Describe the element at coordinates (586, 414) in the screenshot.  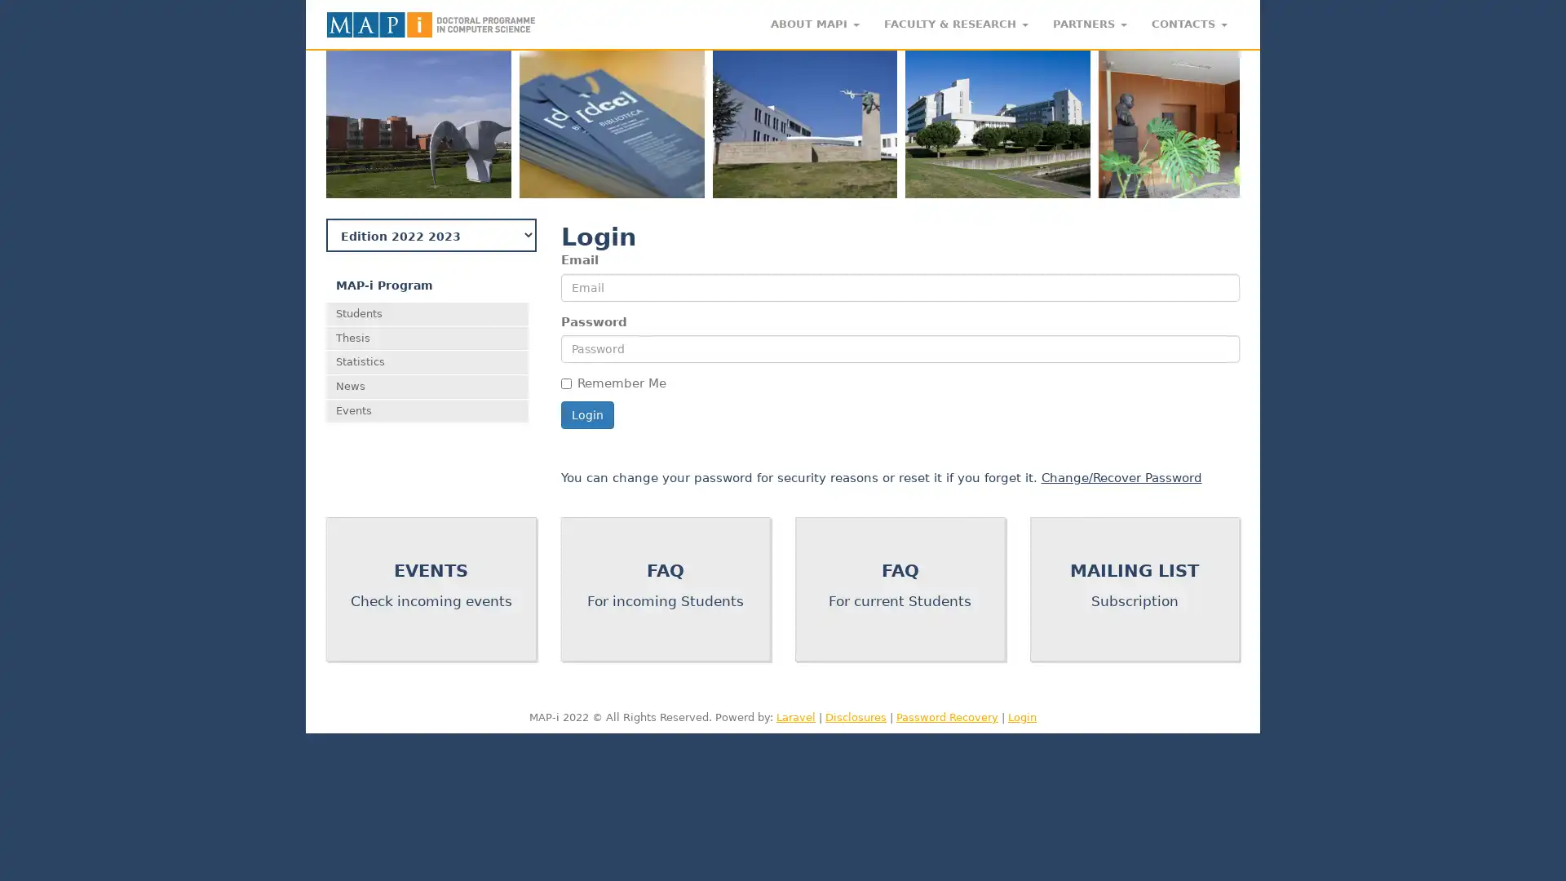
I see `Login` at that location.